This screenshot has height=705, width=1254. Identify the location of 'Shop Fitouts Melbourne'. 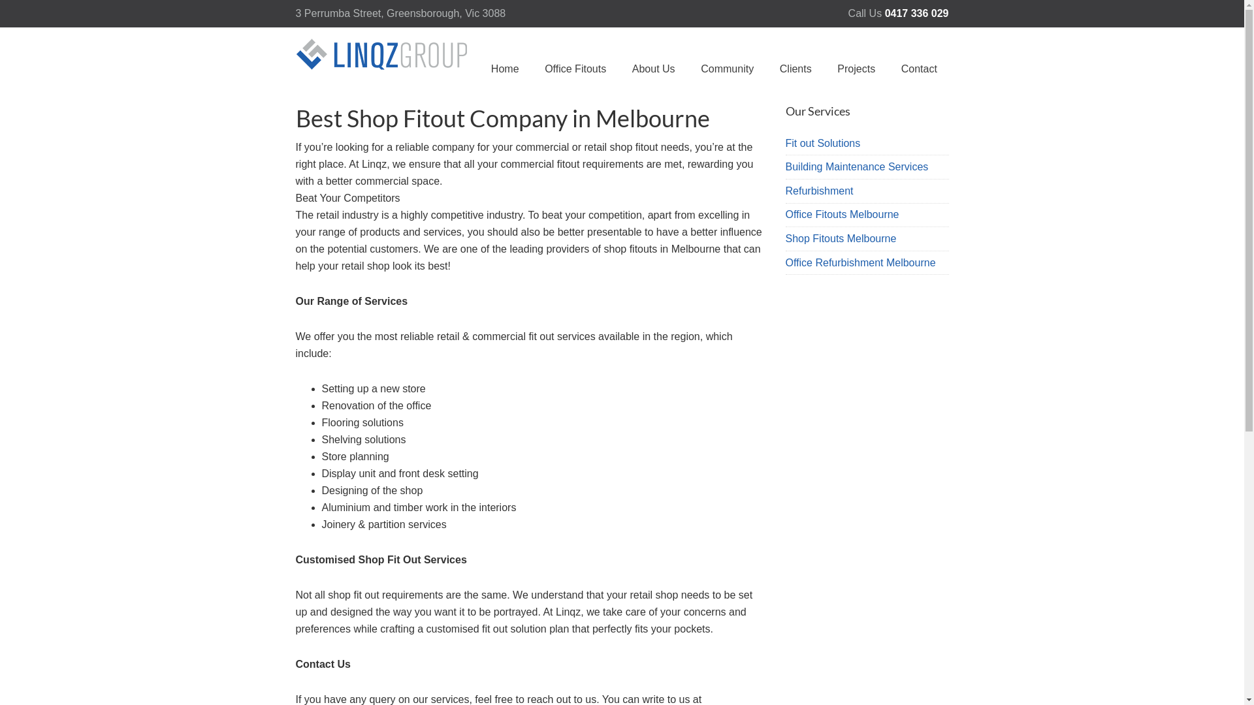
(866, 239).